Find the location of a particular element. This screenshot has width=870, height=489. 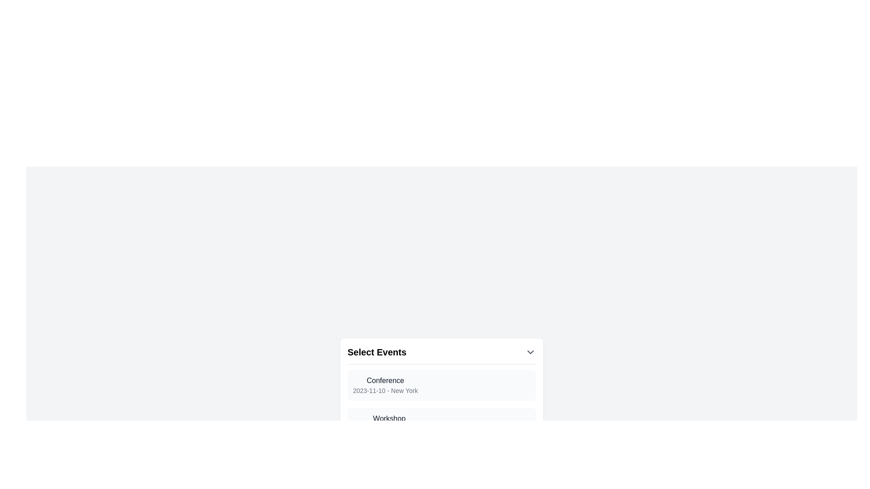

the 'Workshop' event element located below 'Conference' and above 'Webinar' is located at coordinates (441, 423).